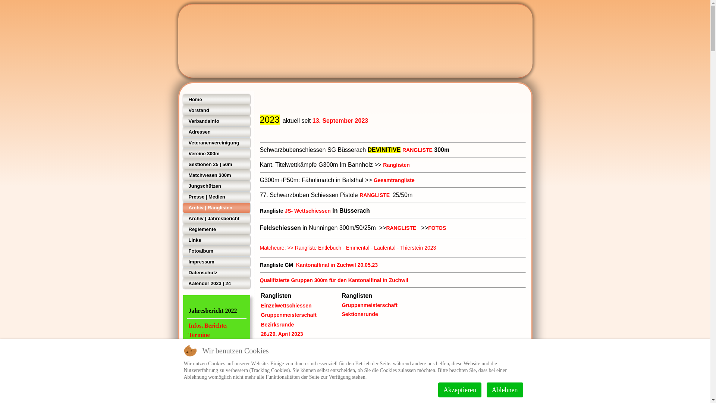 This screenshot has height=403, width=716. I want to click on 'Datenschutz', so click(216, 273).